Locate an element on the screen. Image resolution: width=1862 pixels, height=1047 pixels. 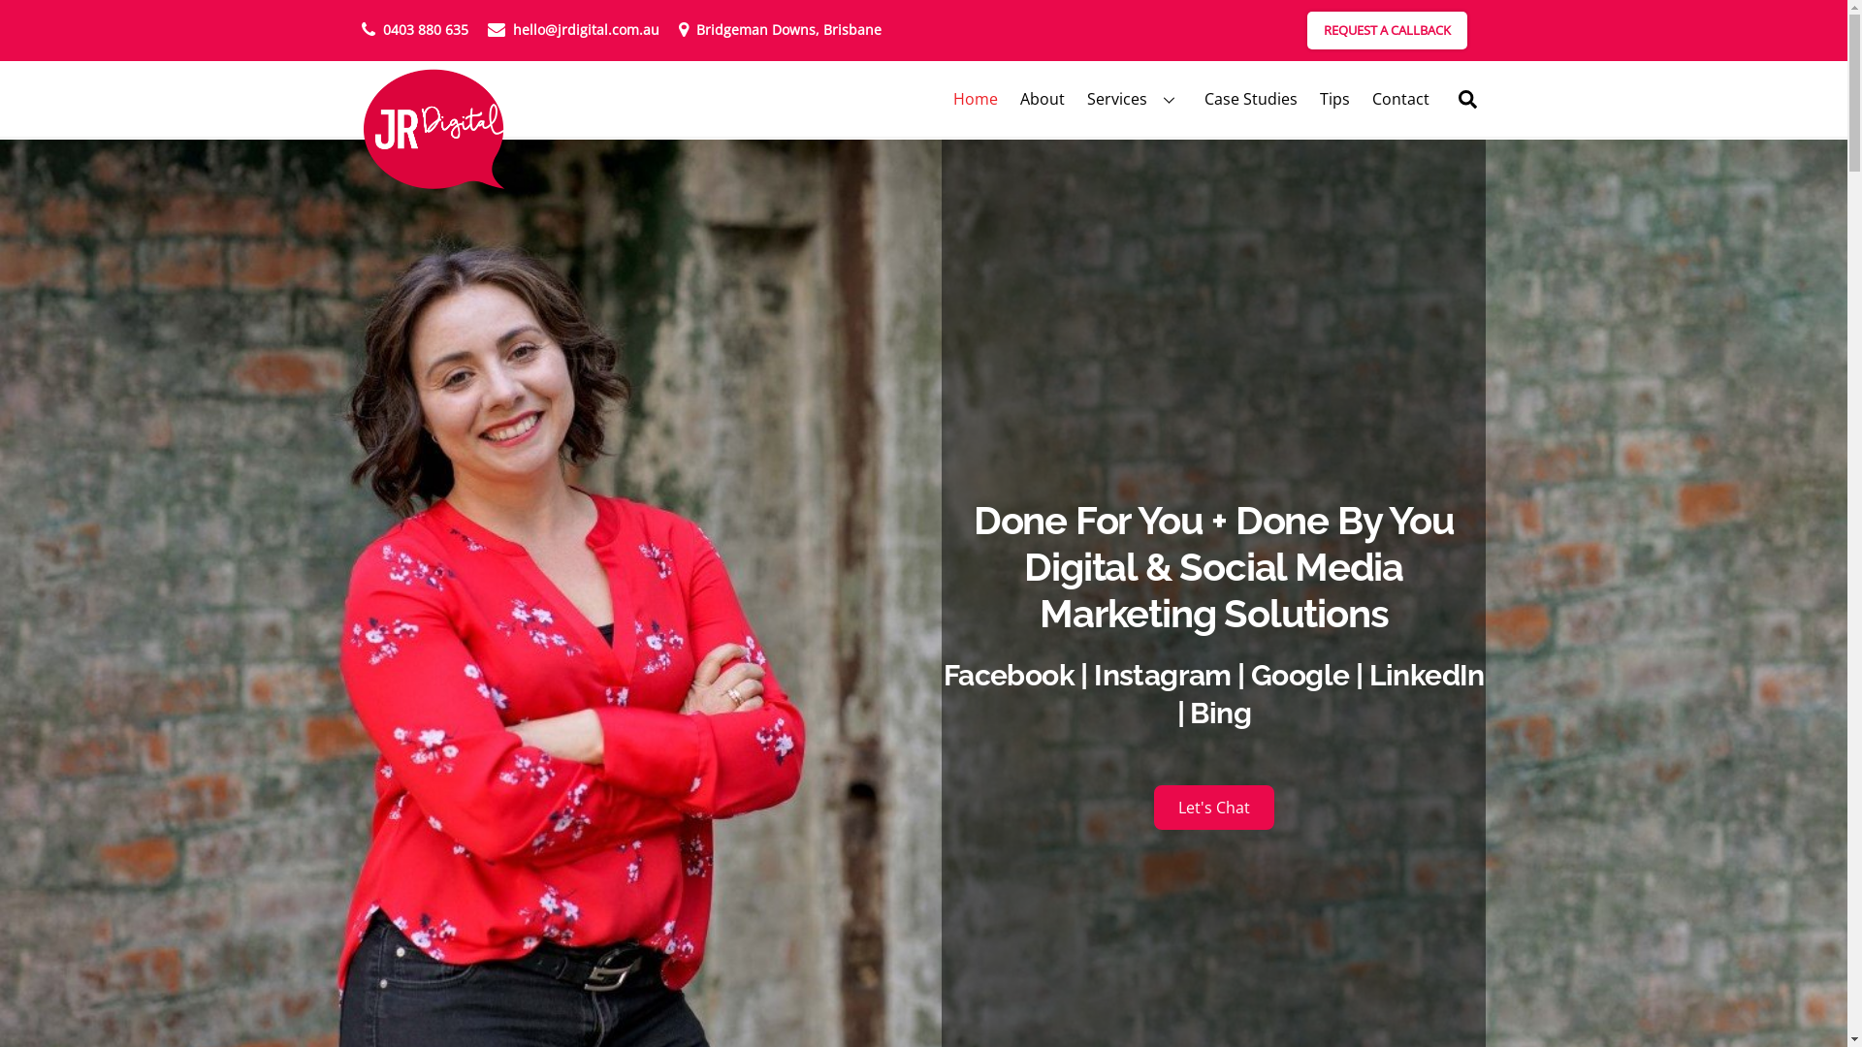
'Case Studies' is located at coordinates (1250, 98).